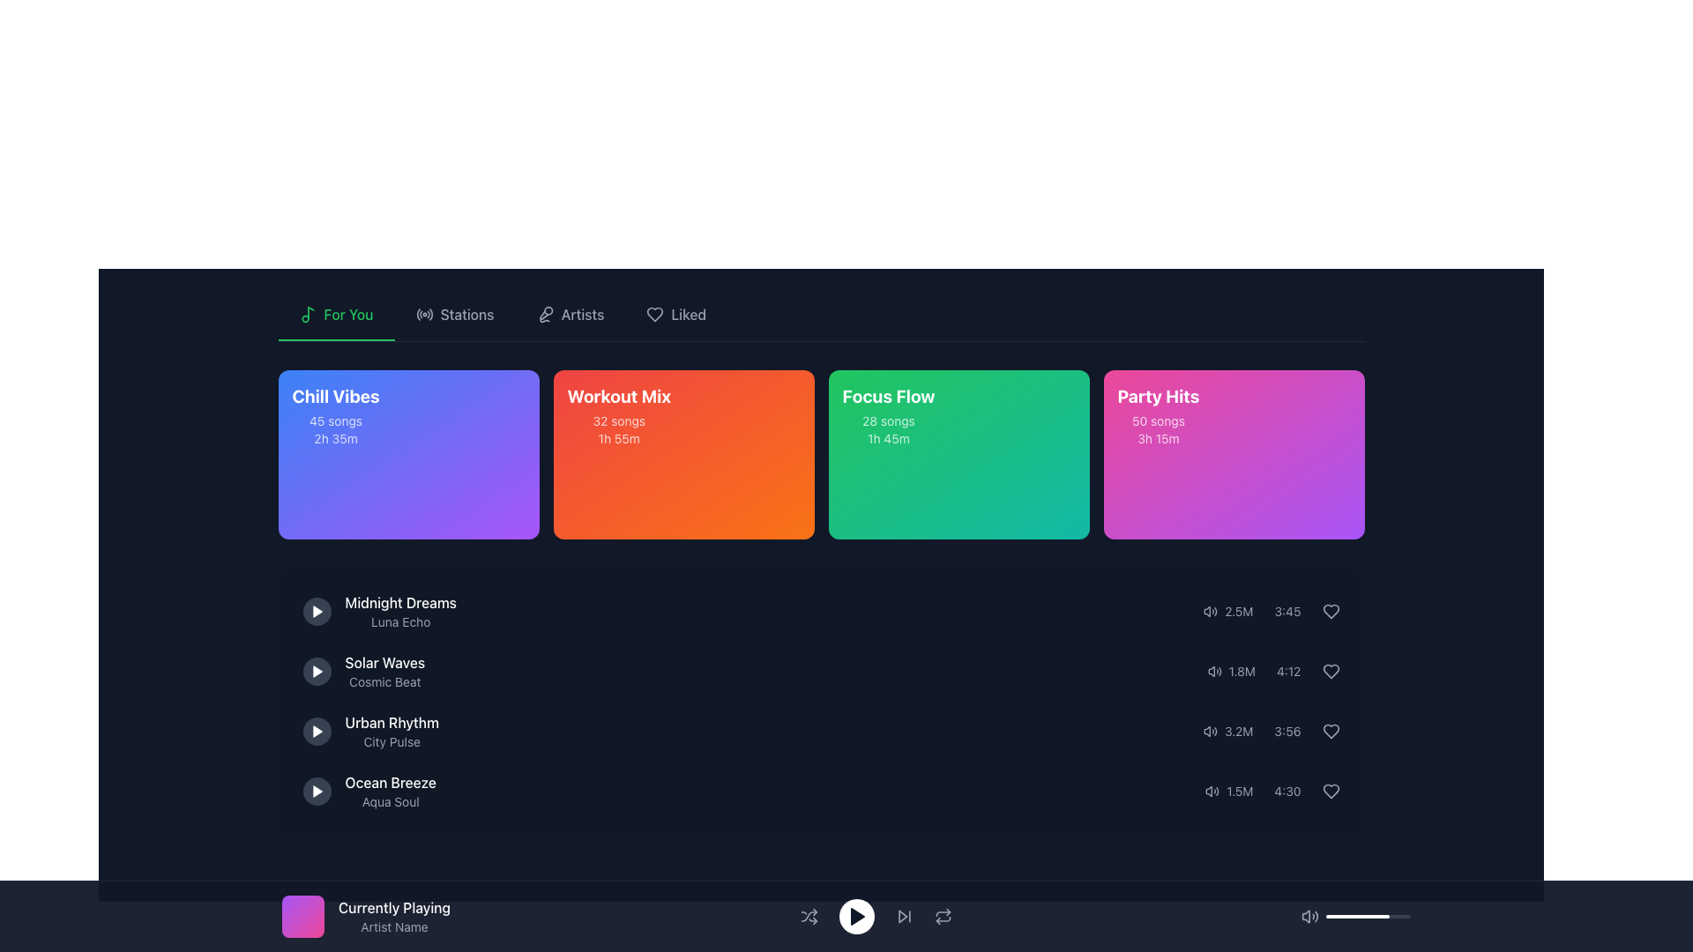 This screenshot has height=952, width=1693. Describe the element at coordinates (1228, 791) in the screenshot. I see `the text label displaying '1.5M', which indicates the number of plays or views, located in the fourth row of a list structure, next to a speaker icon` at that location.